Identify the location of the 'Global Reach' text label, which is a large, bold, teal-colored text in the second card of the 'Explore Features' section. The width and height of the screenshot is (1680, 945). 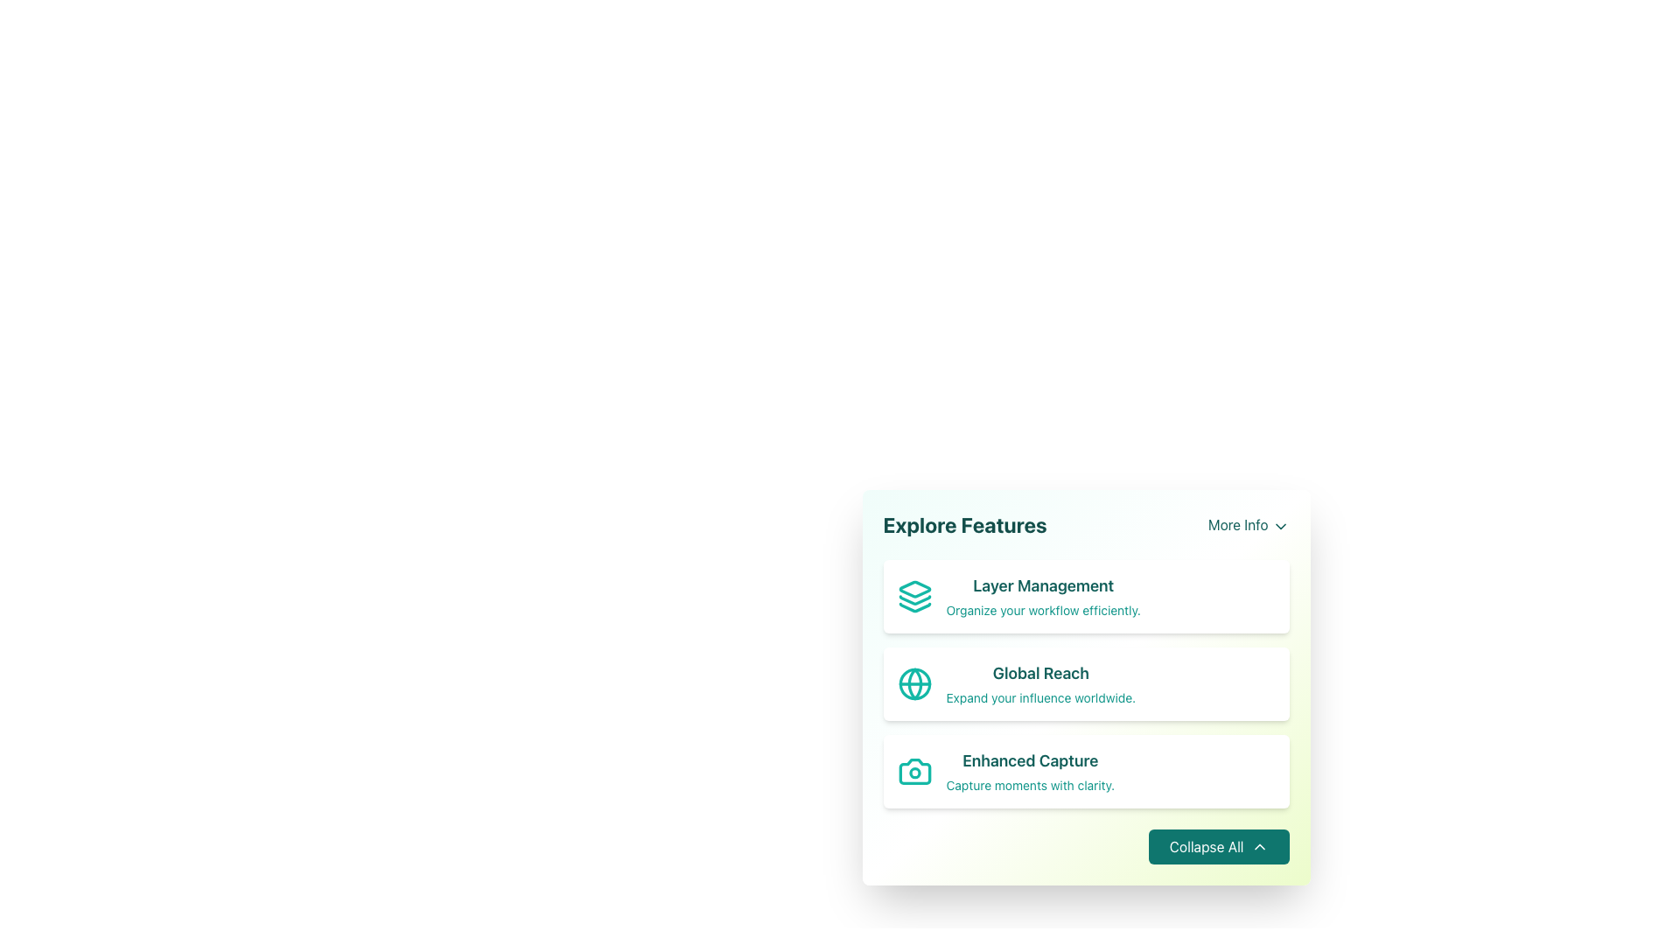
(1040, 673).